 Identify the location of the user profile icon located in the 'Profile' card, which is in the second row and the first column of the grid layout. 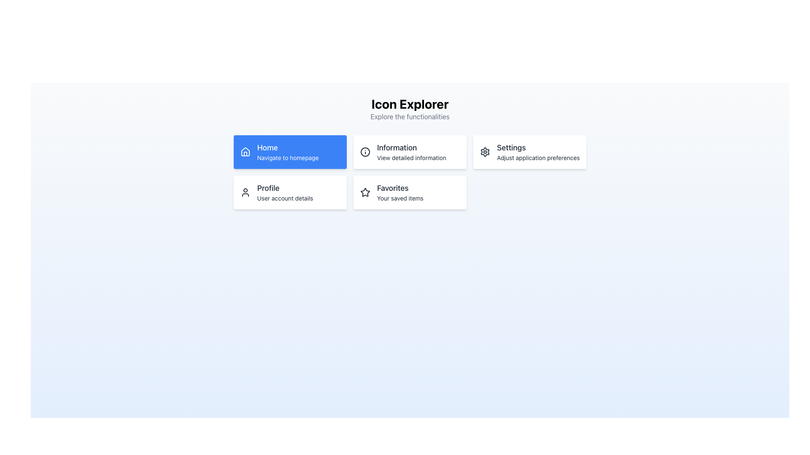
(245, 192).